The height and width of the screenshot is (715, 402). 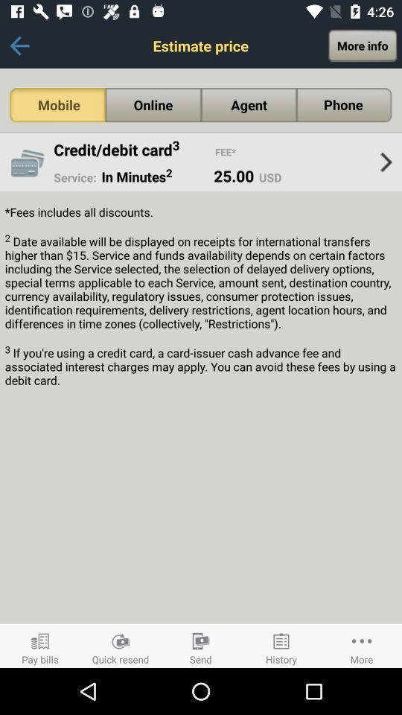 What do you see at coordinates (74, 177) in the screenshot?
I see `the app next to the in minutes2 icon` at bounding box center [74, 177].